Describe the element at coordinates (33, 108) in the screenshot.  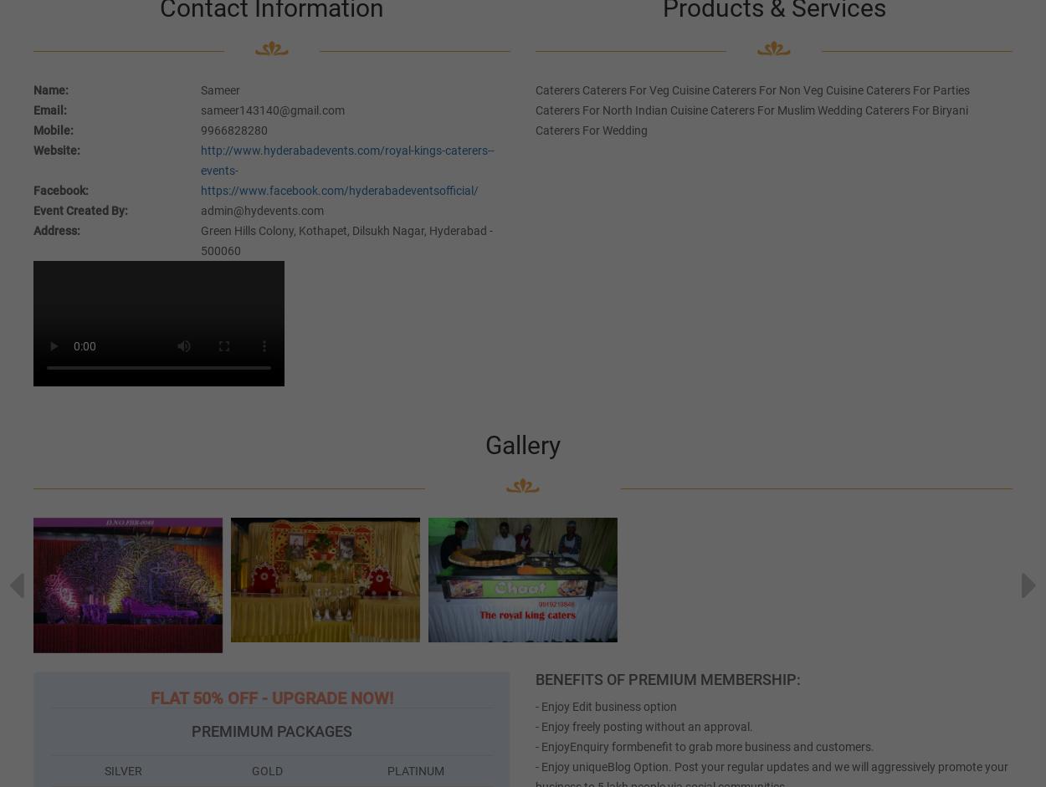
I see `'Email:'` at that location.